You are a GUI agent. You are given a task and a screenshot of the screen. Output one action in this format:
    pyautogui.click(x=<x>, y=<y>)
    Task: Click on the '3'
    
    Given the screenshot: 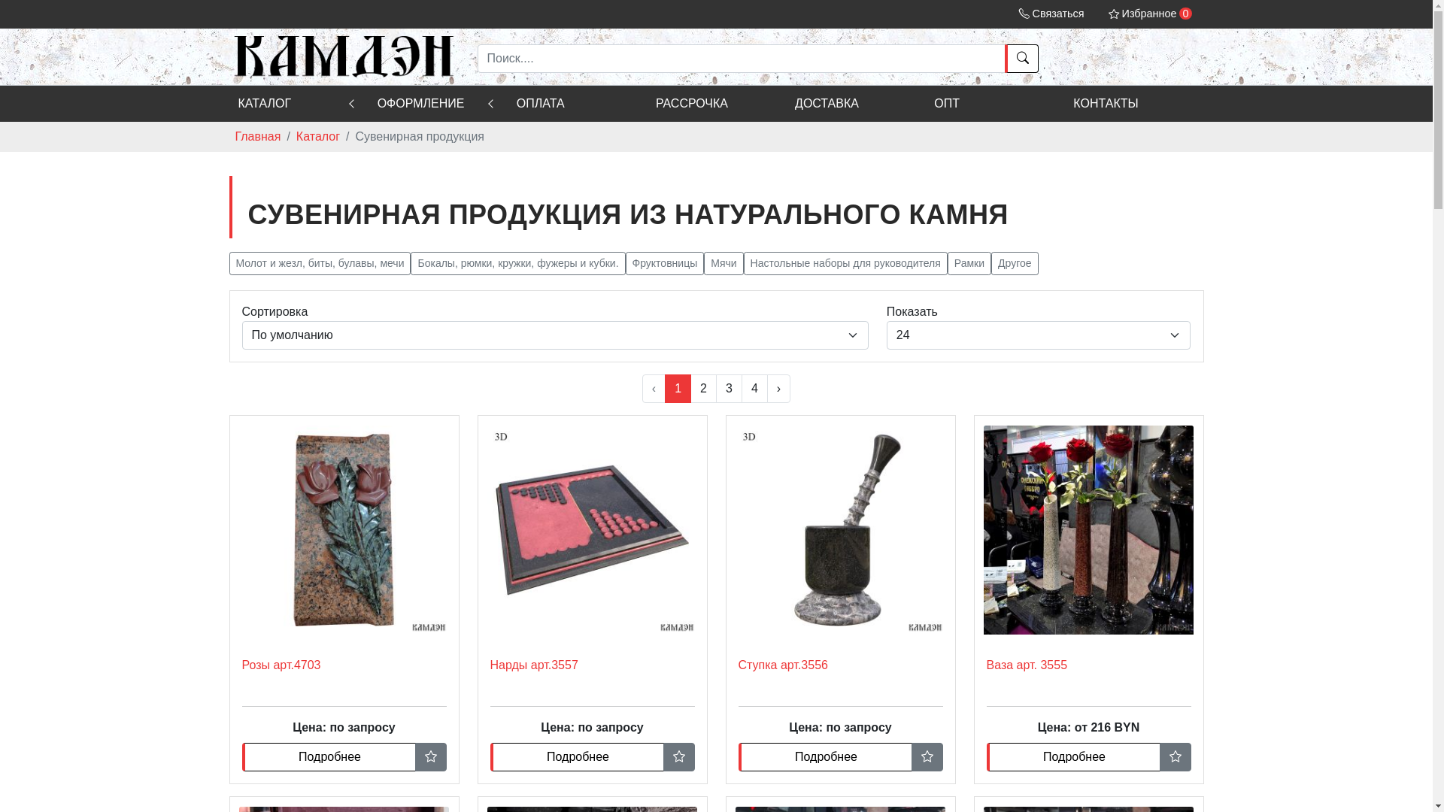 What is the action you would take?
    pyautogui.click(x=729, y=387)
    